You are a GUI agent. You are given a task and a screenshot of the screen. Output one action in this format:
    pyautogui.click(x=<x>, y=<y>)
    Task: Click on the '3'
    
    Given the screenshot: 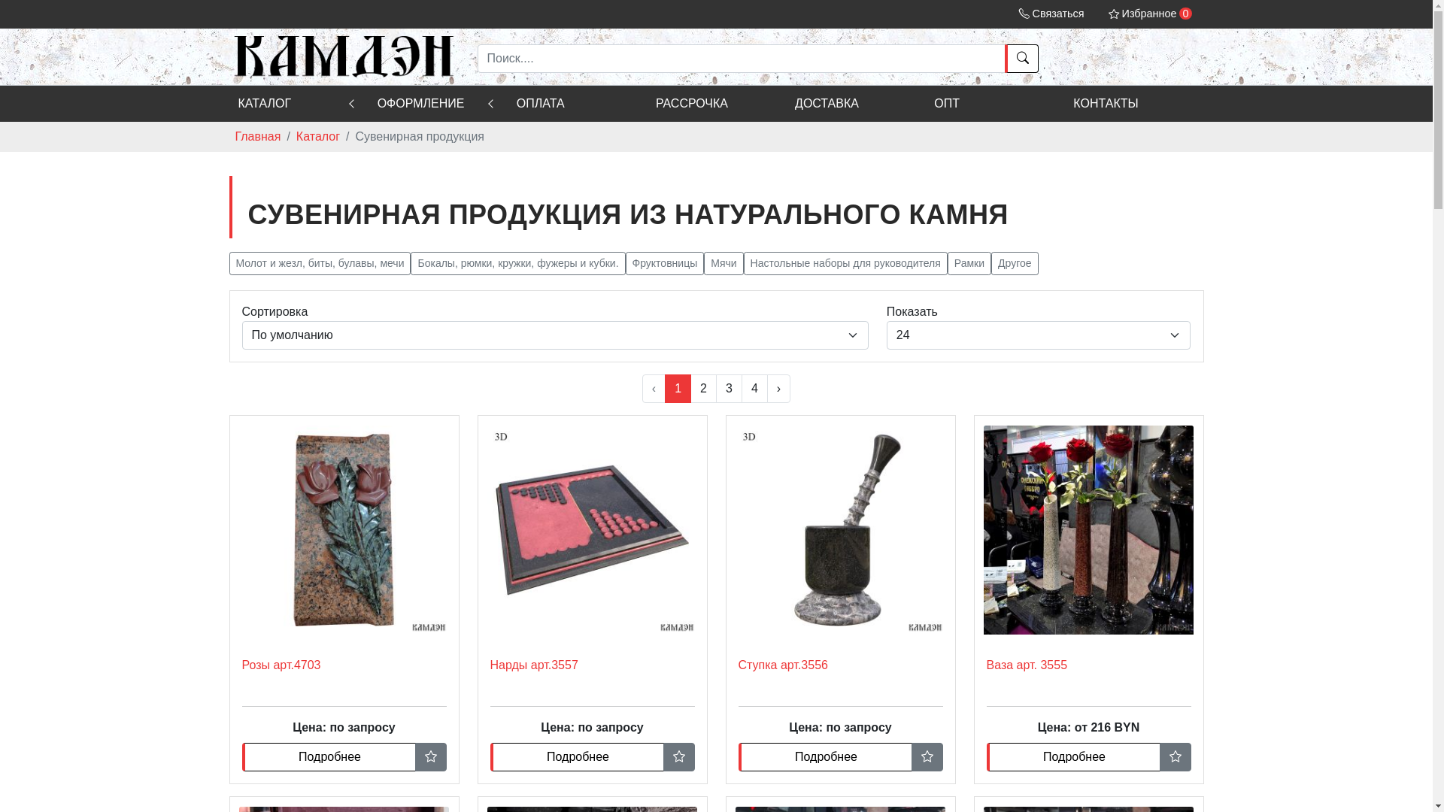 What is the action you would take?
    pyautogui.click(x=729, y=387)
    